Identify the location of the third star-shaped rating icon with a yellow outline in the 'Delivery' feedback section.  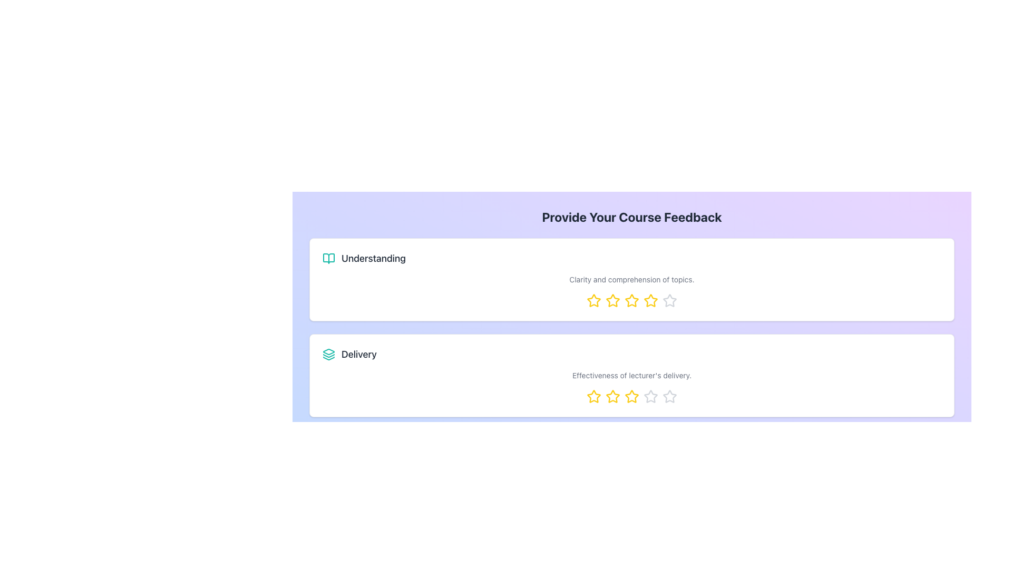
(612, 396).